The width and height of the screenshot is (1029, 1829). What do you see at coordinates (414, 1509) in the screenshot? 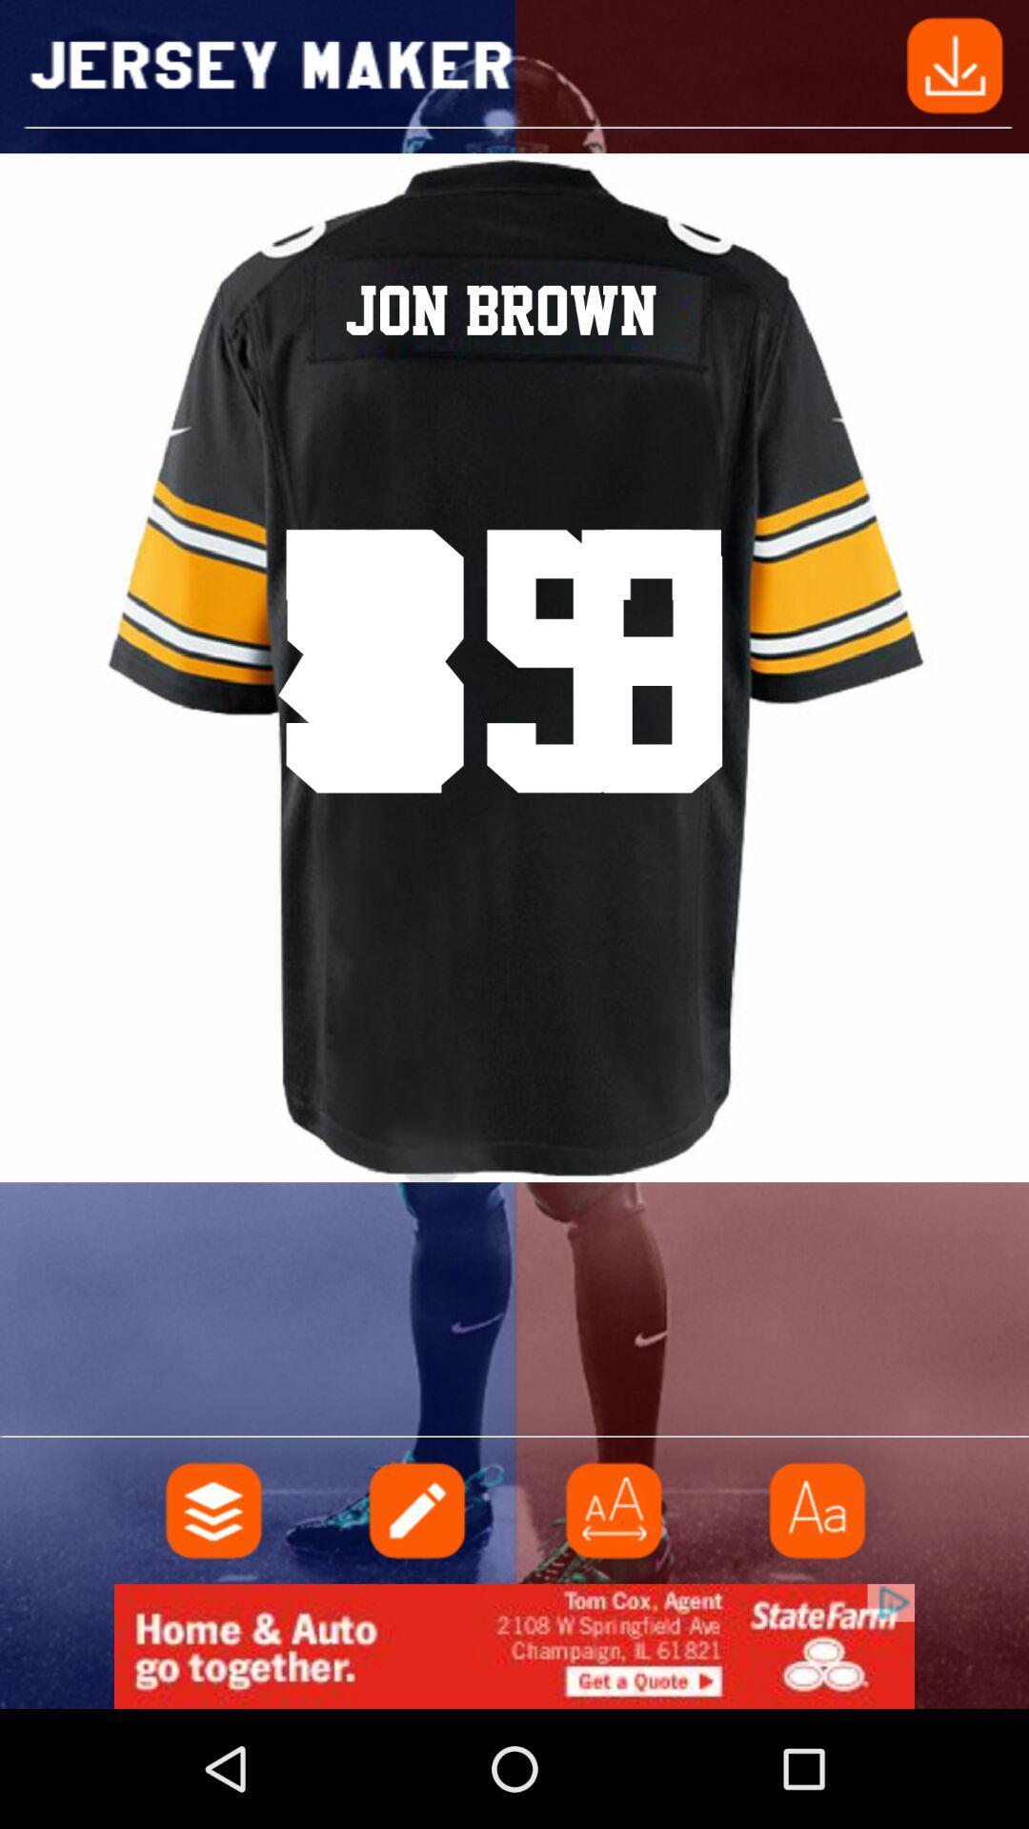
I see `notes` at bounding box center [414, 1509].